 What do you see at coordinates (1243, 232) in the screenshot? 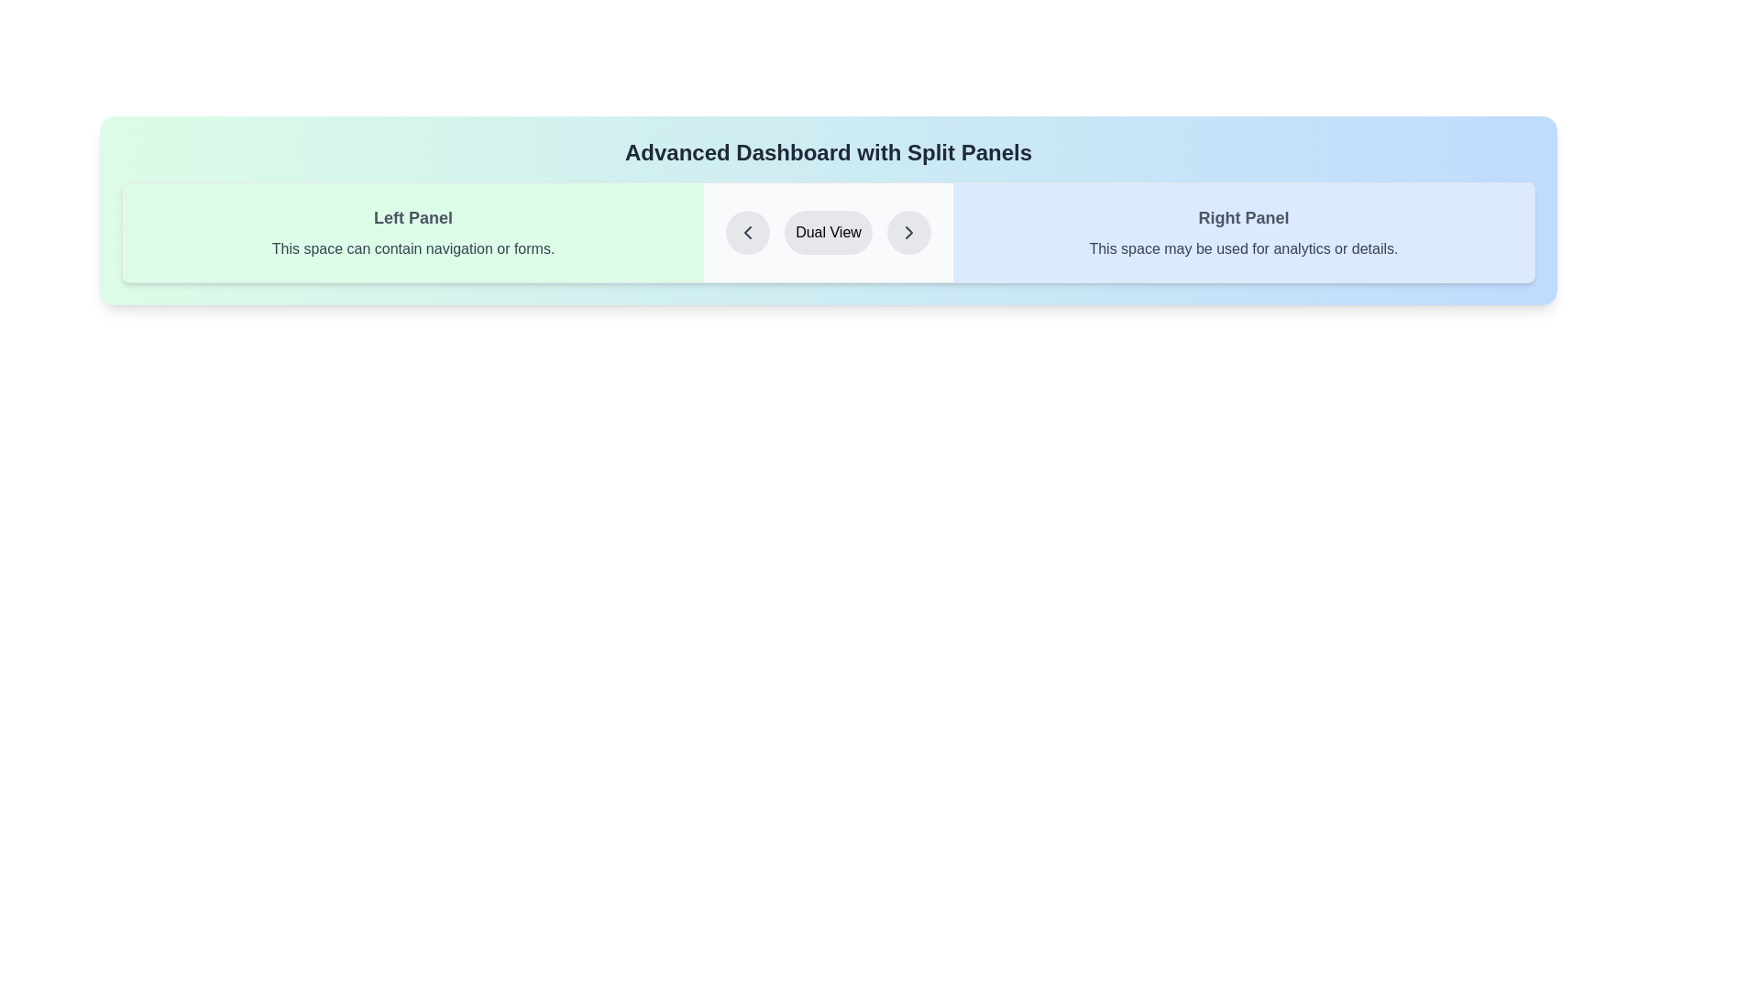
I see `information presented in the blue 'Right Panel' section of the dual-panel dashboard layout` at bounding box center [1243, 232].